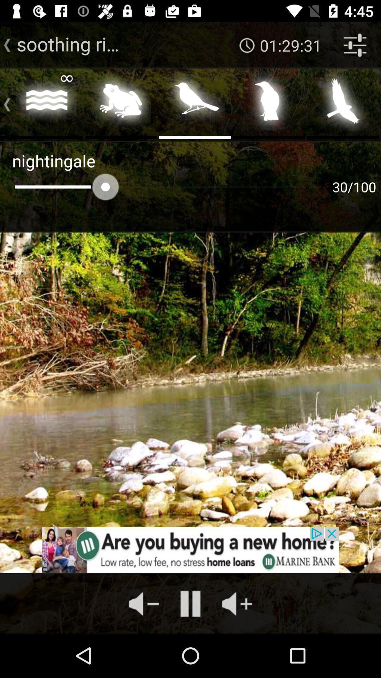  I want to click on change sounds, so click(269, 103).